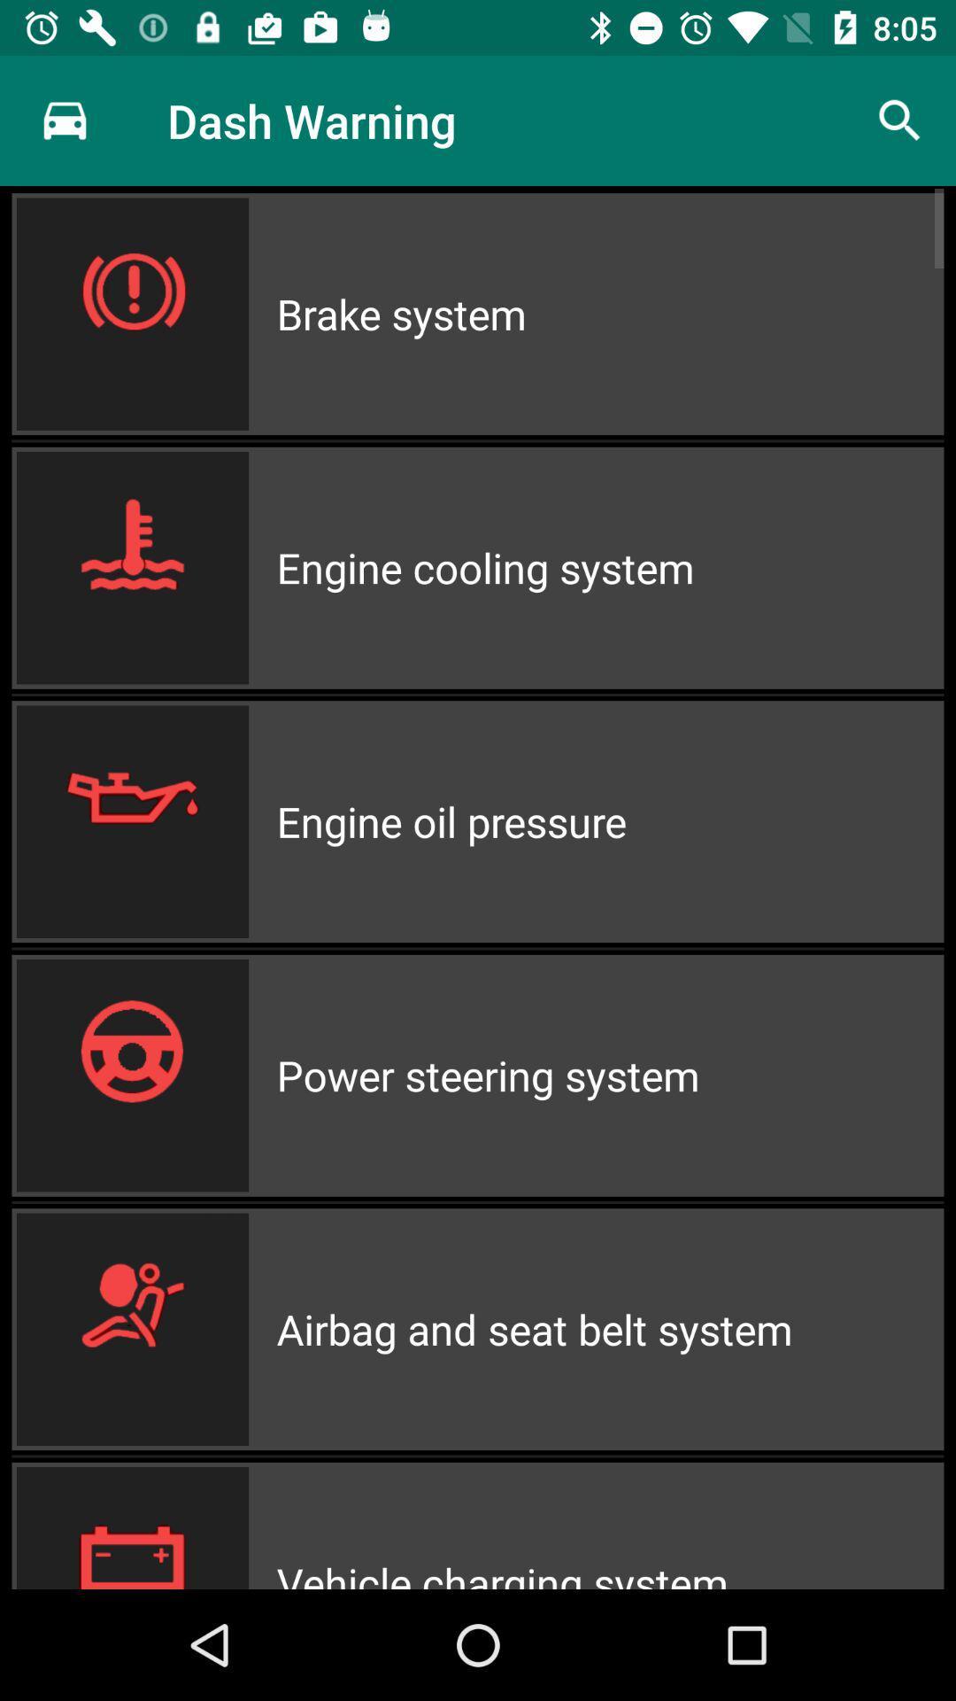 Image resolution: width=956 pixels, height=1701 pixels. I want to click on brake system icon, so click(609, 314).